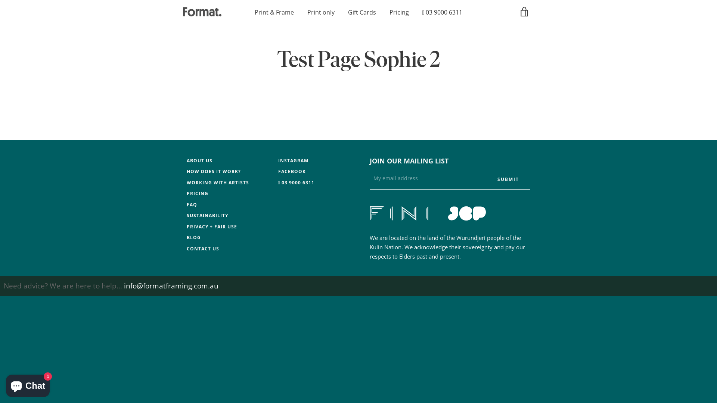 The width and height of the screenshot is (717, 403). What do you see at coordinates (3, 384) in the screenshot?
I see `'Shopify online store chat'` at bounding box center [3, 384].